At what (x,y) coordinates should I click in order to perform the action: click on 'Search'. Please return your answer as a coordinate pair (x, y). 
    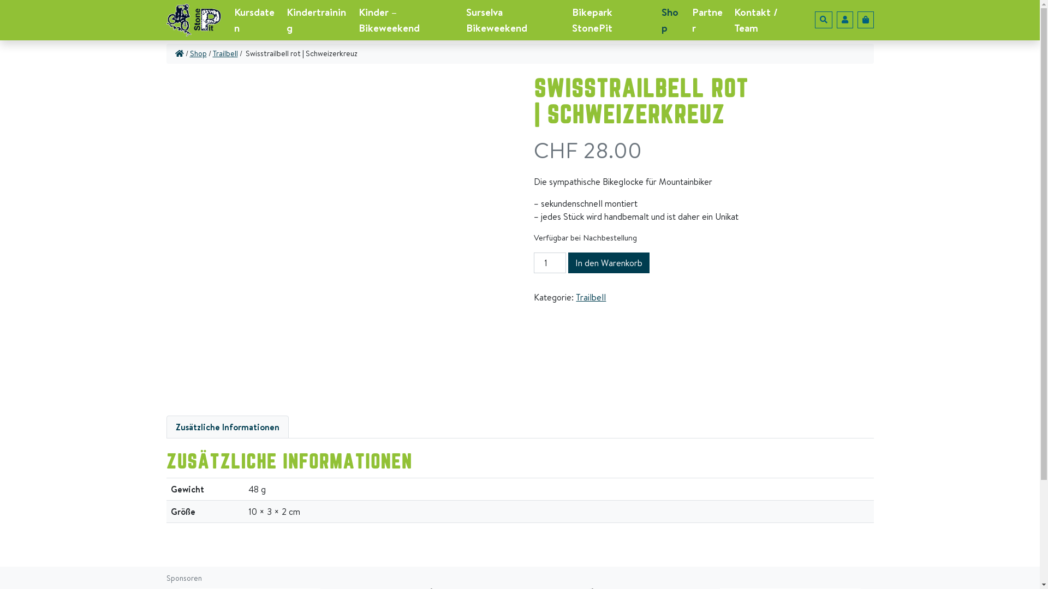
    Looking at the image, I should click on (823, 20).